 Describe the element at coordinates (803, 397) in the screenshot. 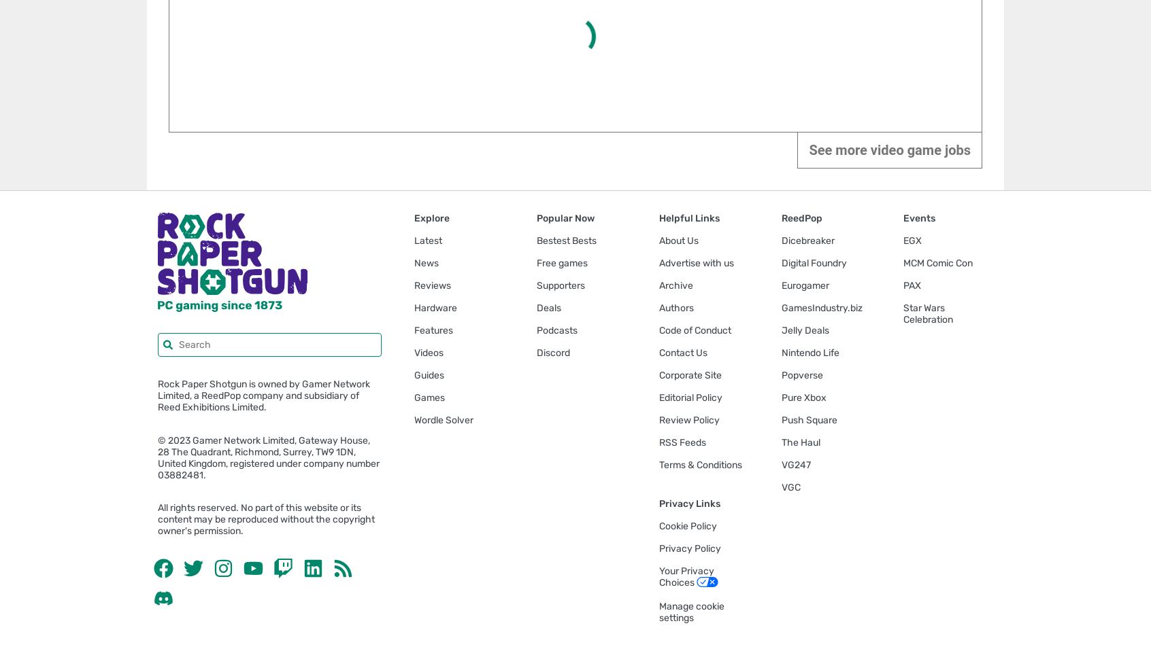

I see `'Pure Xbox'` at that location.